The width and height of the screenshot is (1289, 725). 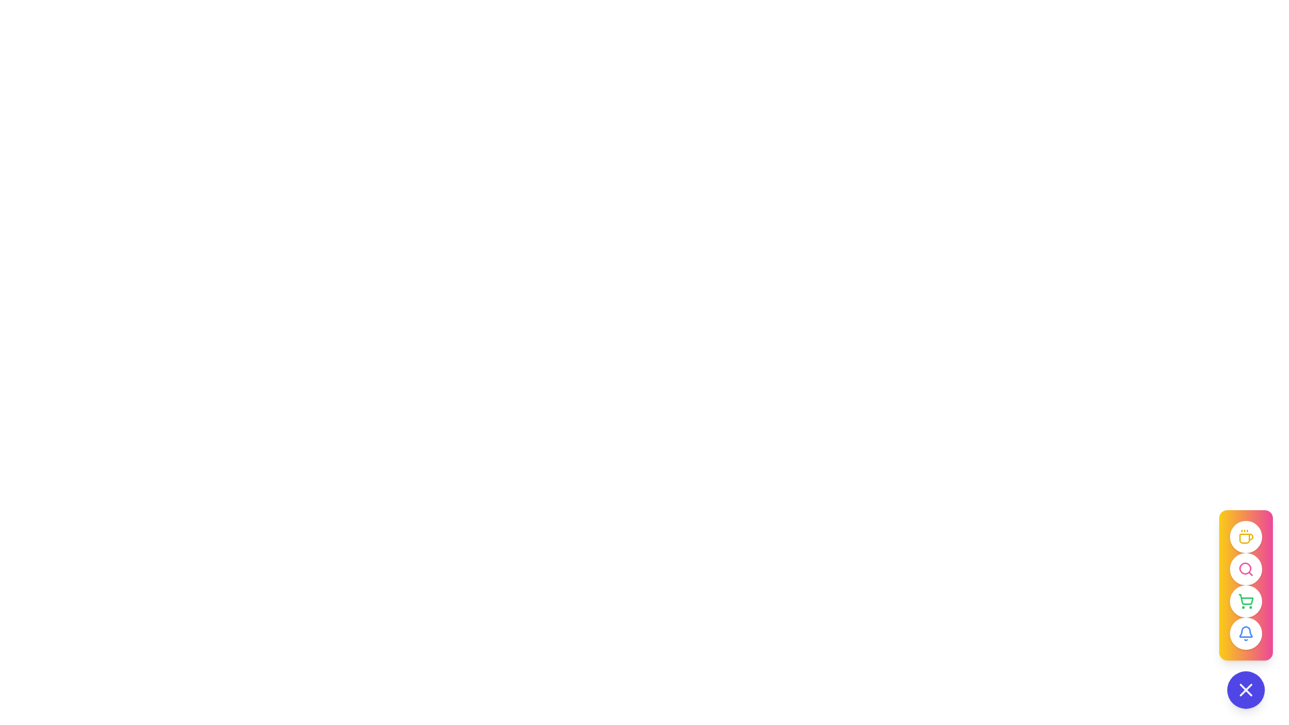 I want to click on the coffee mug icon button, which is the topmost element in a vertical stack of circular buttons in the colorful sidebar on the right edge of the interface, so click(x=1245, y=536).